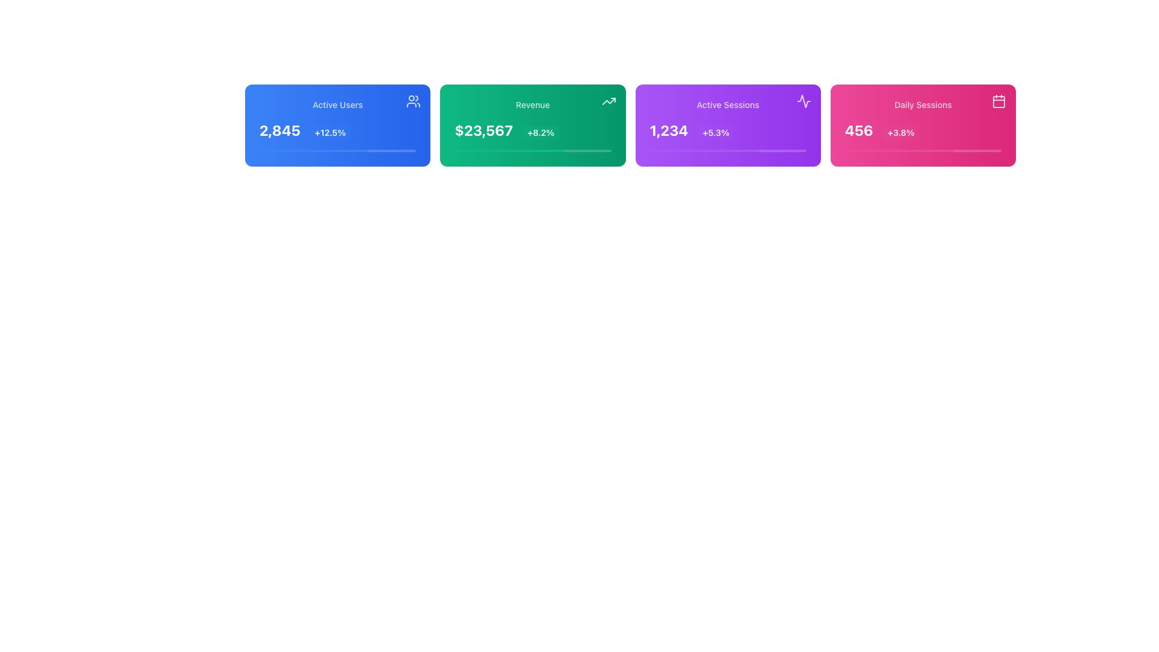 This screenshot has width=1159, height=652. Describe the element at coordinates (668, 130) in the screenshot. I see `the numerical statistic text displaying the count related to 'Active Sessions', located within the purple card labeled 'Active Sessions'` at that location.